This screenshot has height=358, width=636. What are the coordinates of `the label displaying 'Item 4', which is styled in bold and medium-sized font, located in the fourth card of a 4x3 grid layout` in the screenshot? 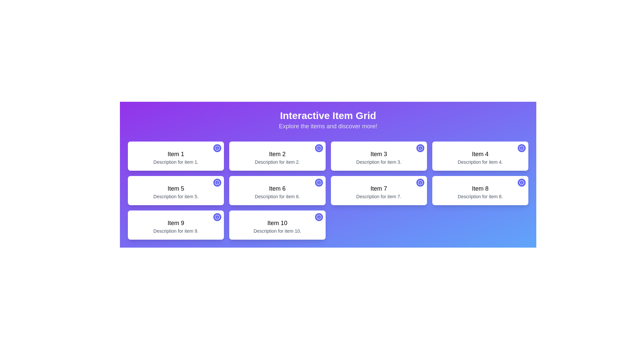 It's located at (480, 154).